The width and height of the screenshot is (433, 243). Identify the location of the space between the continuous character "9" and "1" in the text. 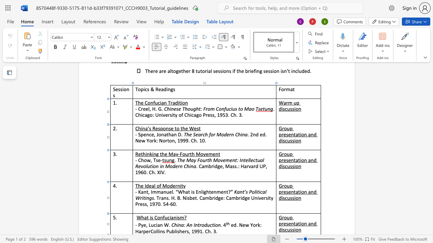
(199, 231).